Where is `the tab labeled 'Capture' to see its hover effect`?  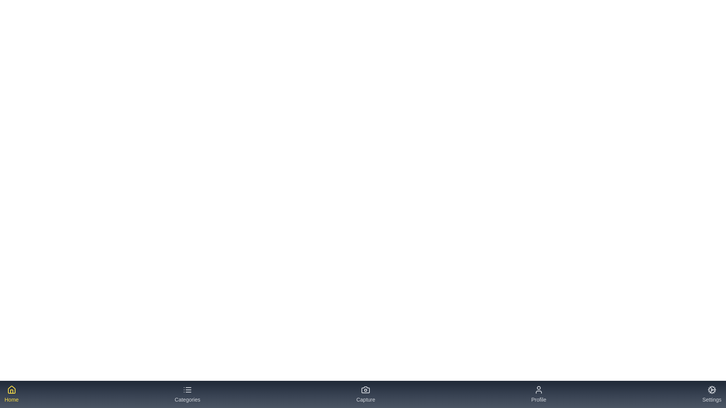 the tab labeled 'Capture' to see its hover effect is located at coordinates (366, 394).